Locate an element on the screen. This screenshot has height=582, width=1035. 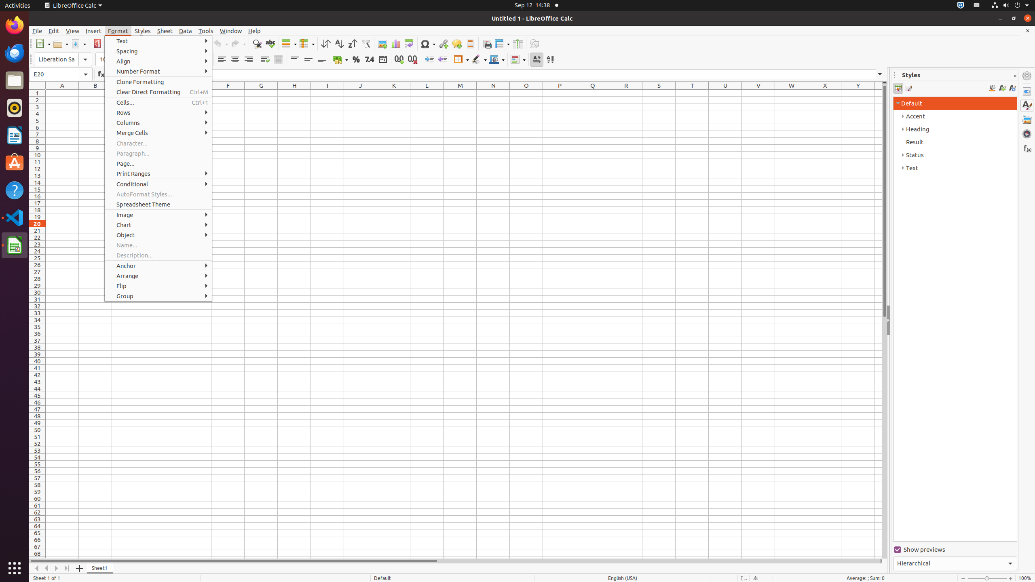
'Align Top' is located at coordinates (295, 59).